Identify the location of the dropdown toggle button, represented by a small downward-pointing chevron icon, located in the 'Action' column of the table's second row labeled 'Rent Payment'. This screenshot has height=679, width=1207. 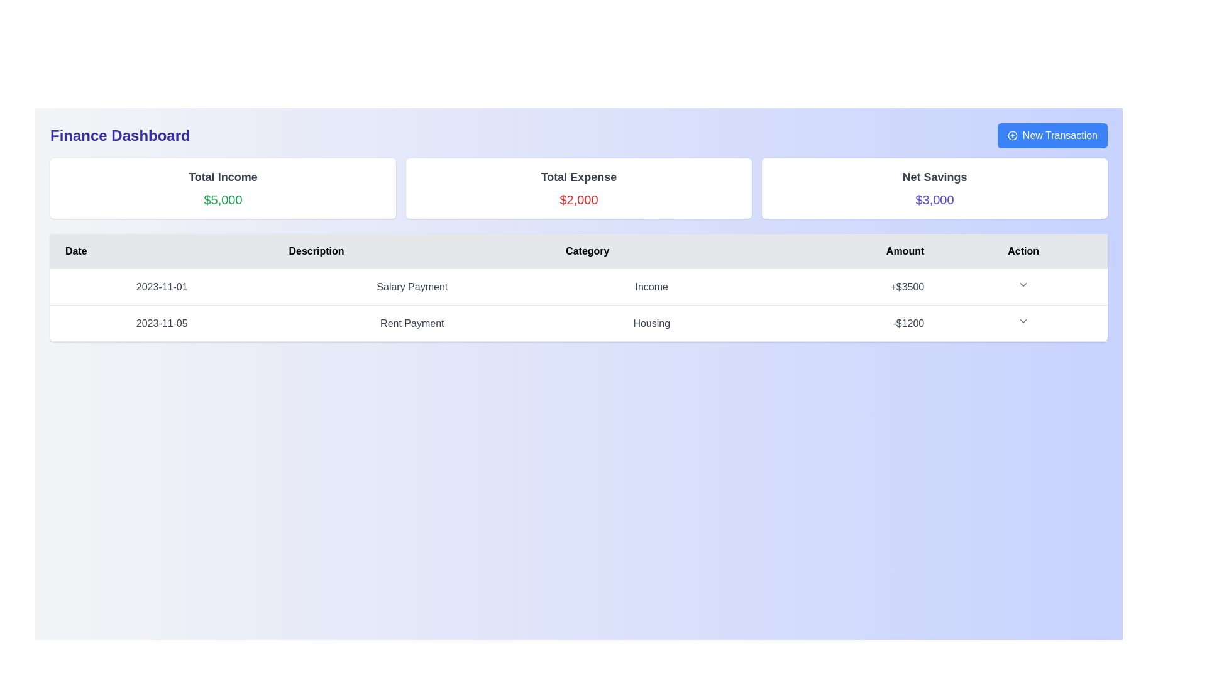
(1023, 320).